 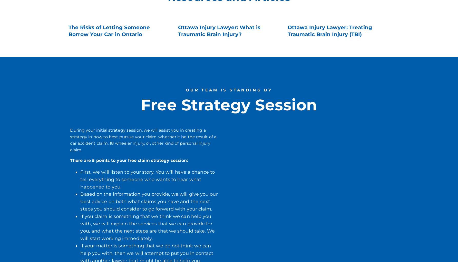 I want to click on 'Based on the information you provide, we will give you our best advice on both what claims you have and the next steps you should consider to go forward with your claim.', so click(x=149, y=201).